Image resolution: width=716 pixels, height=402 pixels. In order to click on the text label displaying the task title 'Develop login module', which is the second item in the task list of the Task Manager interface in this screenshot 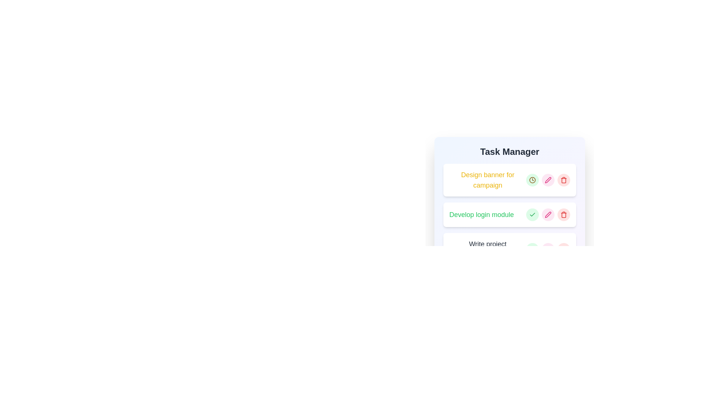, I will do `click(481, 215)`.